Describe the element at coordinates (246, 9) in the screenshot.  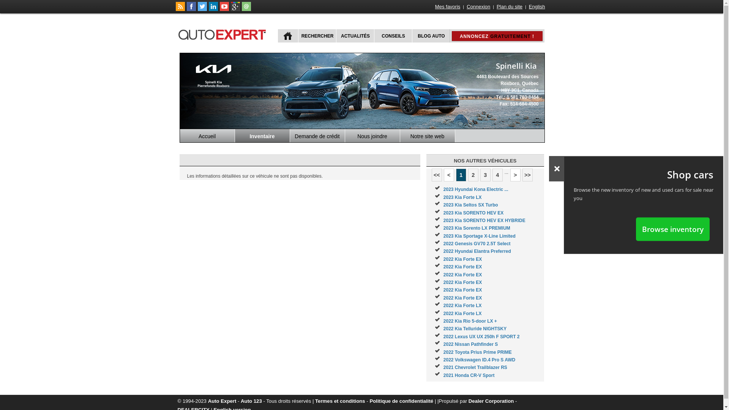
I see `'Joindre autoExpert.ca'` at that location.